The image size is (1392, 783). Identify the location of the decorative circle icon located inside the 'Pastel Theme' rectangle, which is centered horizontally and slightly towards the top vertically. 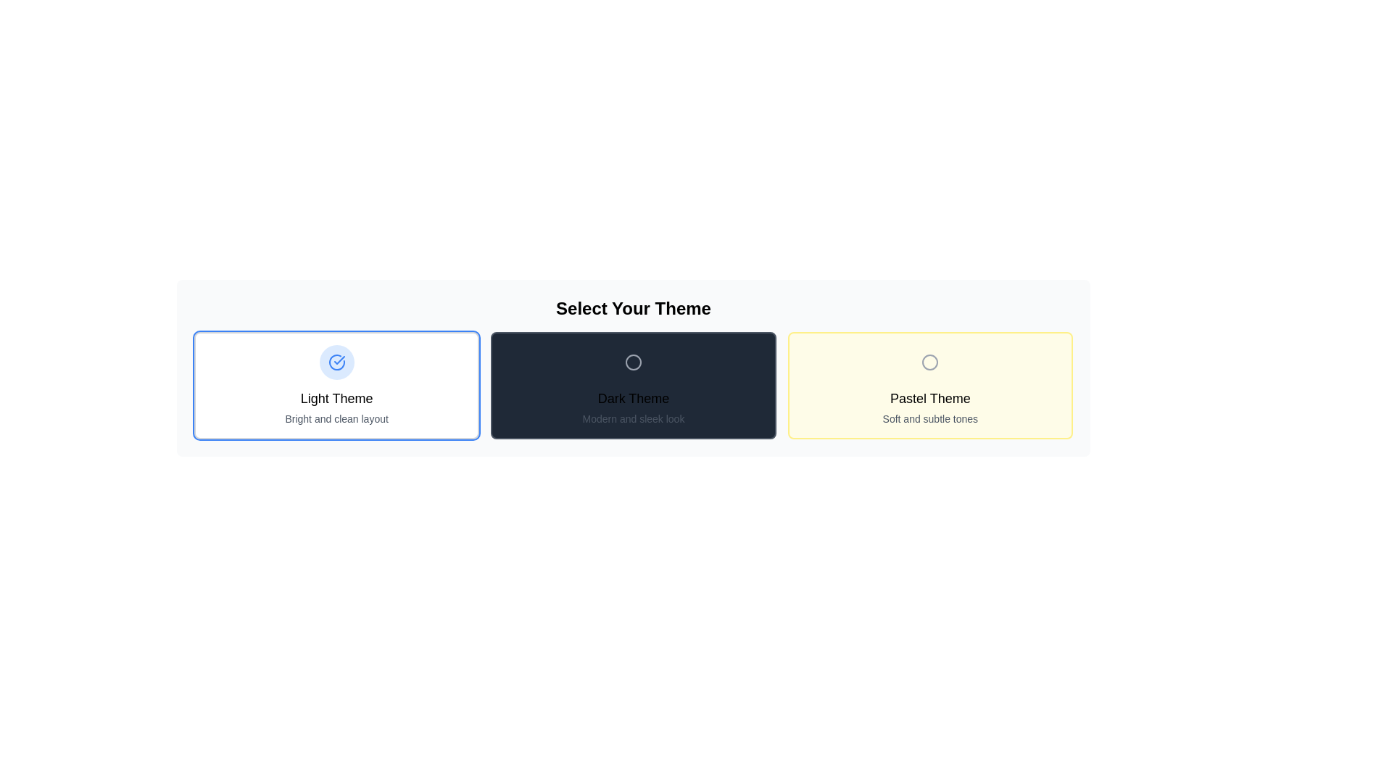
(930, 362).